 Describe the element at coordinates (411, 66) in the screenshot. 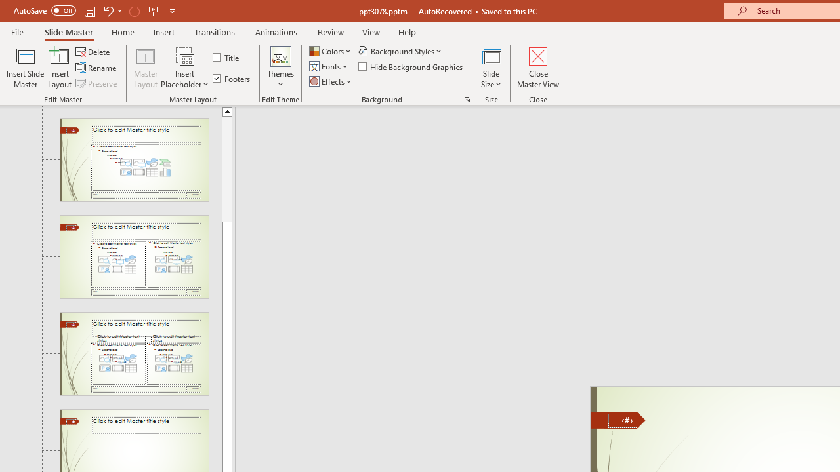

I see `'Hide Background Graphics'` at that location.